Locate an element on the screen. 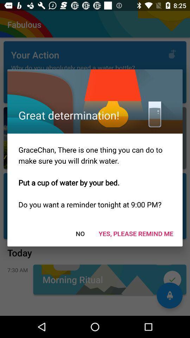 Image resolution: width=190 pixels, height=338 pixels. the icon to the left of the yes please remind item is located at coordinates (80, 233).